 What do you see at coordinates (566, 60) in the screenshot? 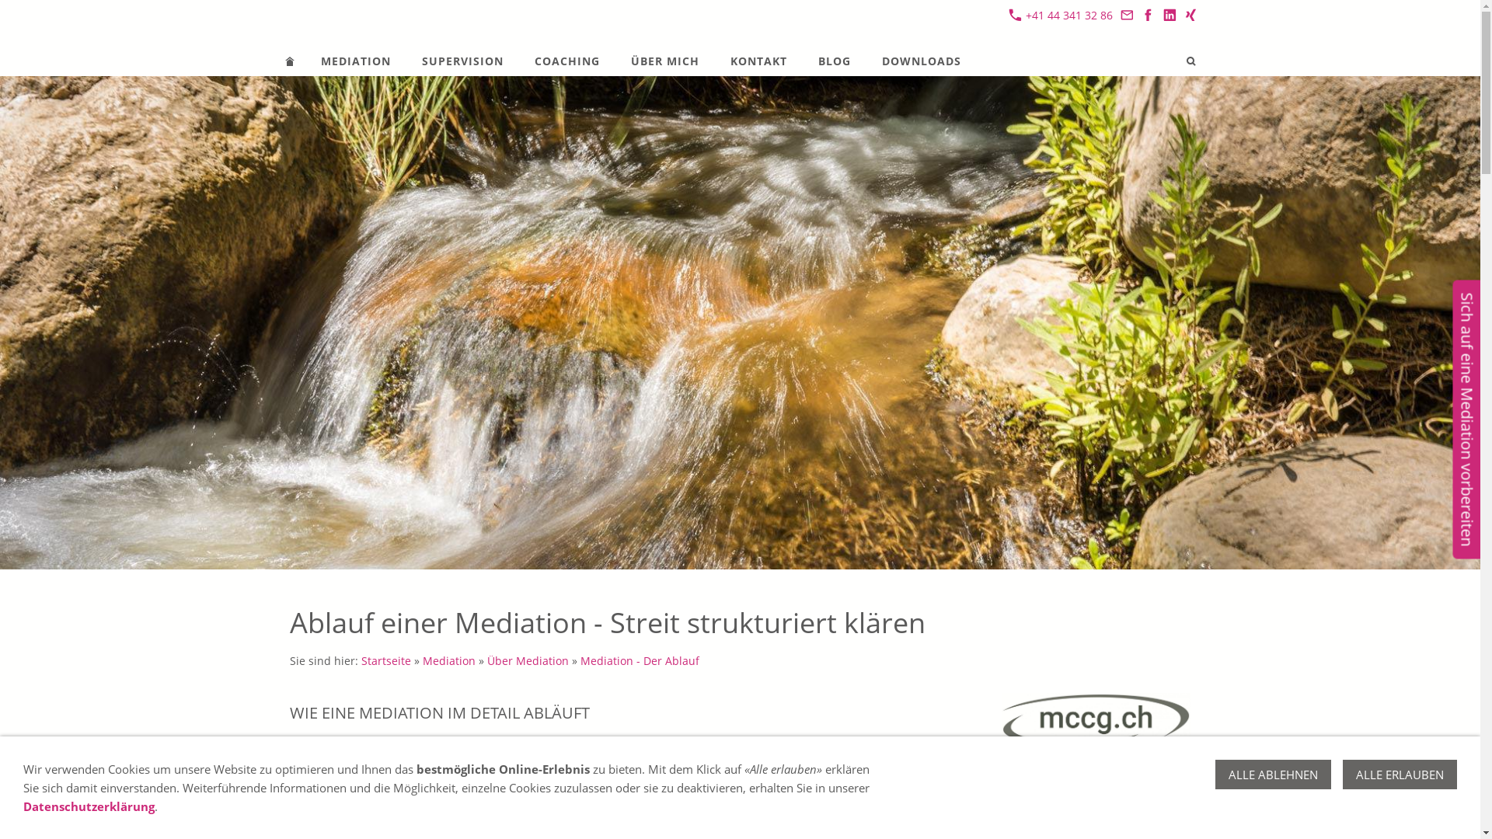
I see `'COACHING'` at bounding box center [566, 60].